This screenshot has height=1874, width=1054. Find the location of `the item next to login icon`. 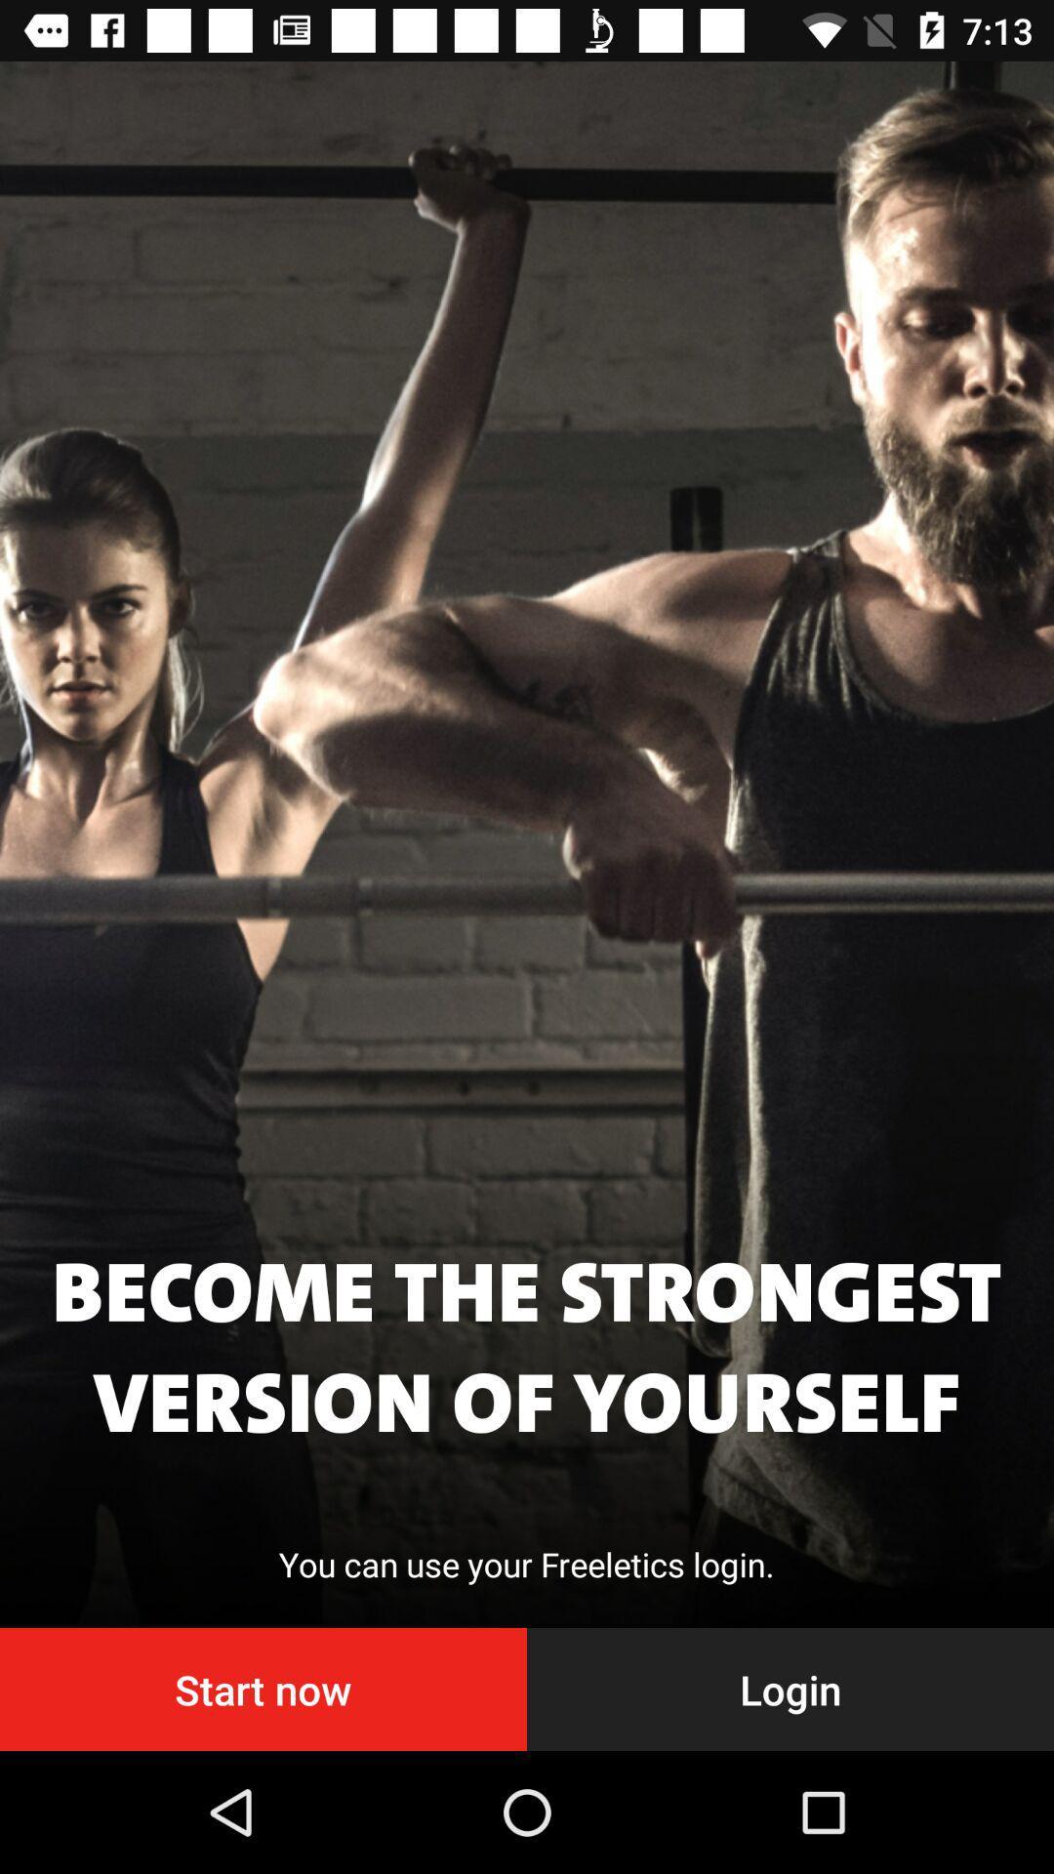

the item next to login icon is located at coordinates (263, 1689).